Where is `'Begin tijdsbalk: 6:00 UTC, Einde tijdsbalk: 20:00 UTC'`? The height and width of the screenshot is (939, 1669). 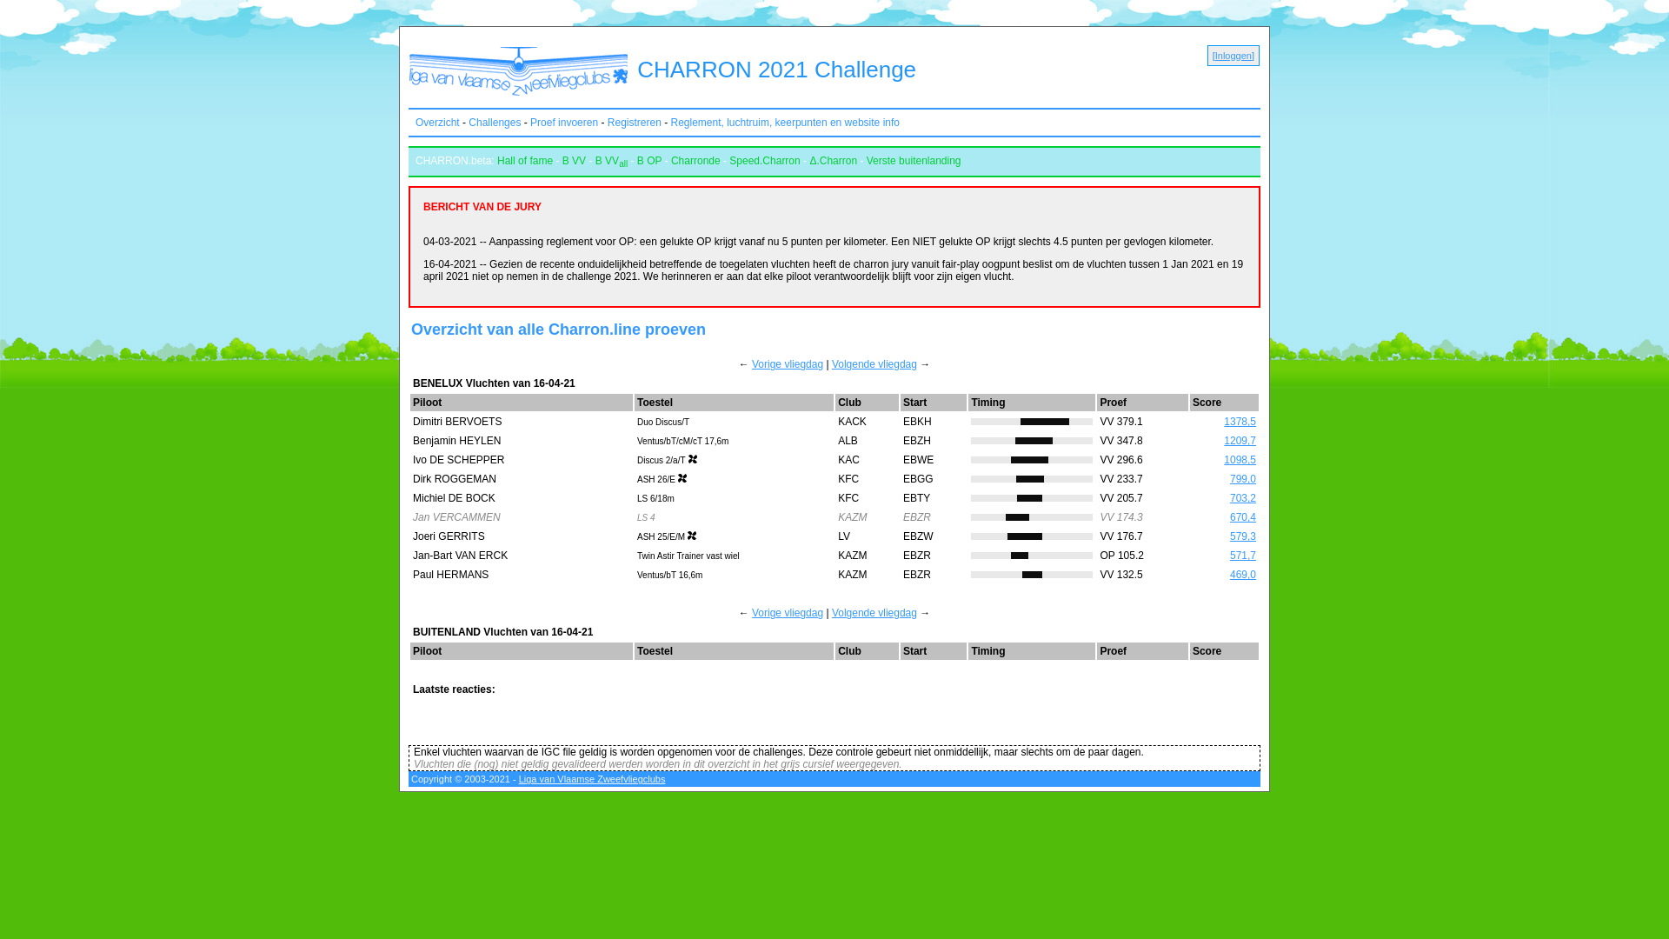 'Begin tijdsbalk: 6:00 UTC, Einde tijdsbalk: 20:00 UTC' is located at coordinates (1031, 439).